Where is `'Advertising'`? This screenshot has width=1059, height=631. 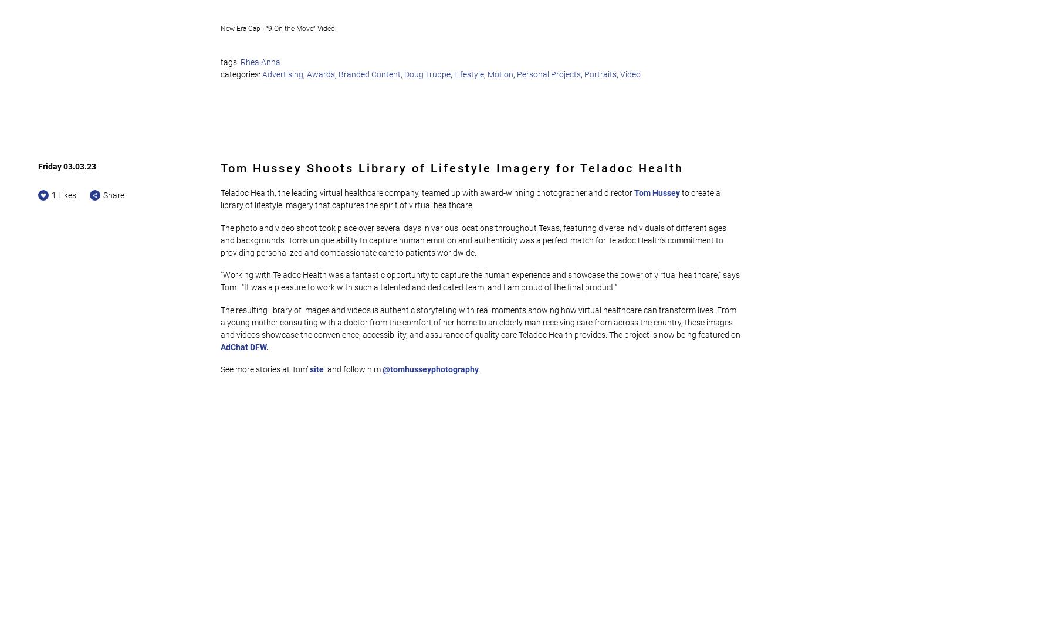 'Advertising' is located at coordinates (282, 73).